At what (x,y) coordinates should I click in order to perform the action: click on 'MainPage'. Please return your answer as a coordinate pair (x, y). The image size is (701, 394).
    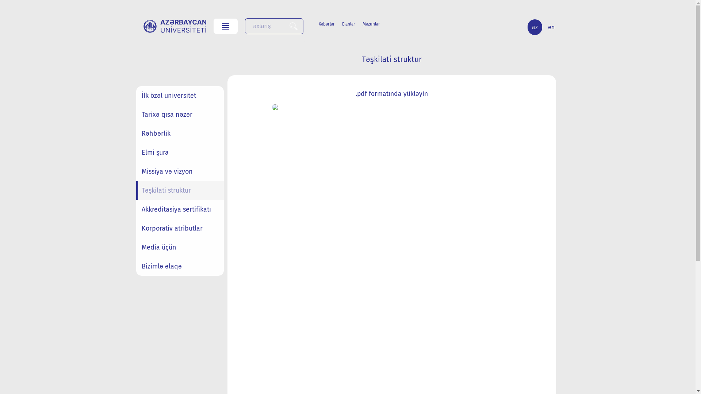
    Looking at the image, I should click on (174, 26).